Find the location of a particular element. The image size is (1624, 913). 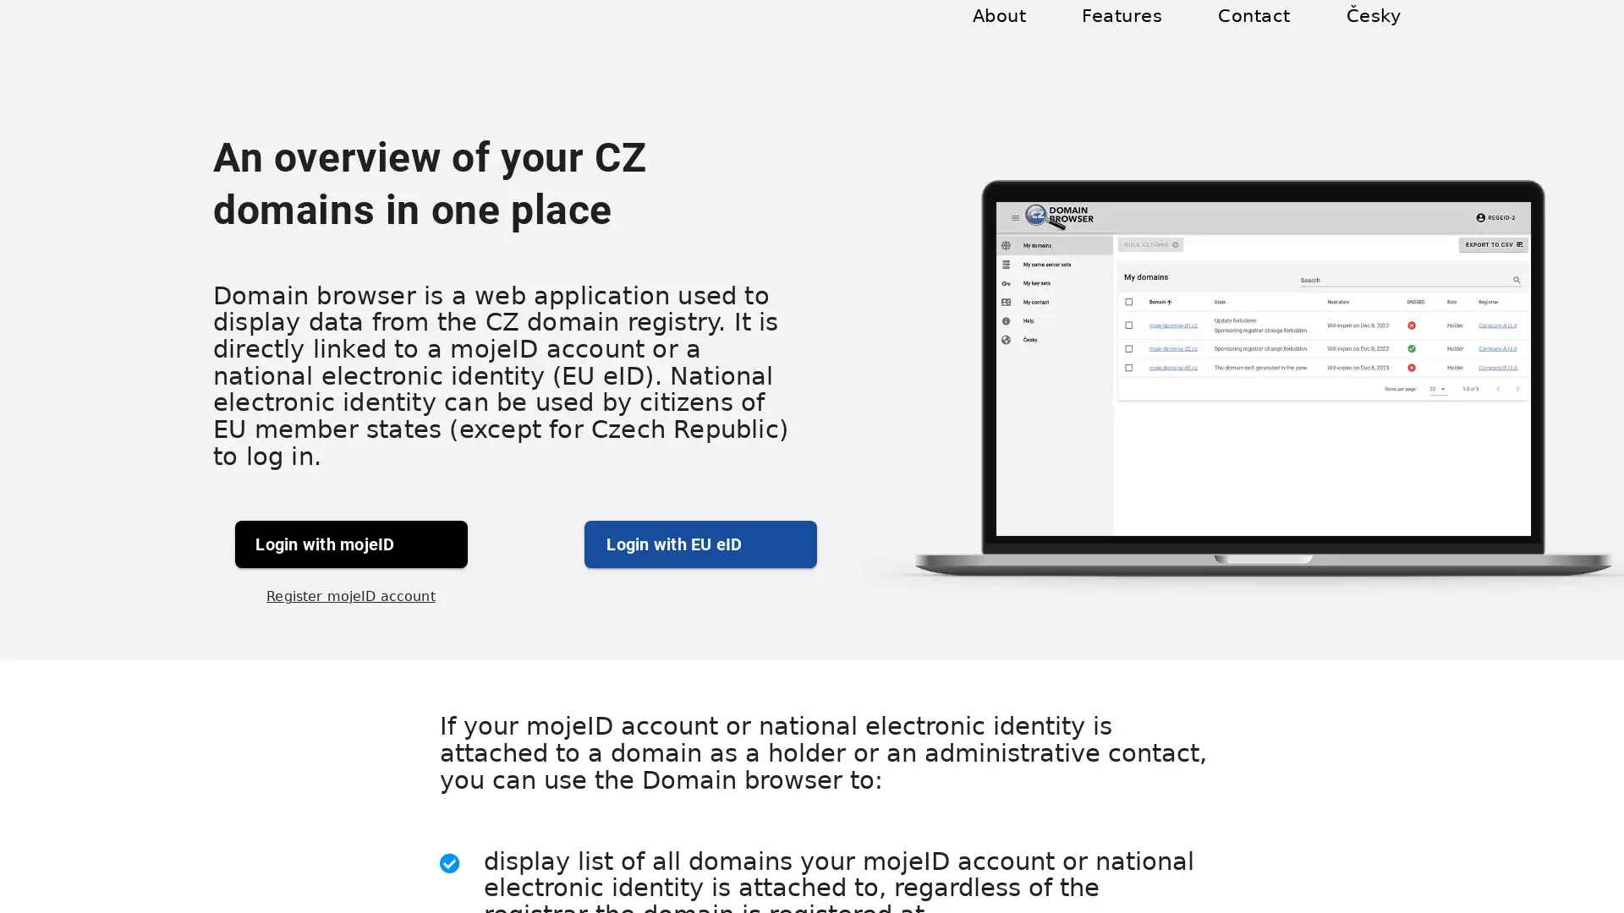

Contact is located at coordinates (1260, 36).